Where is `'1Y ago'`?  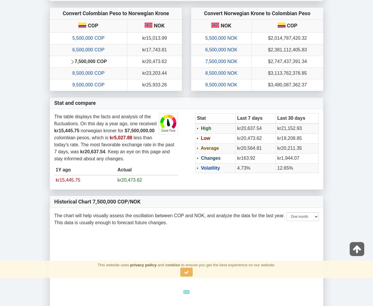 '1Y ago' is located at coordinates (63, 170).